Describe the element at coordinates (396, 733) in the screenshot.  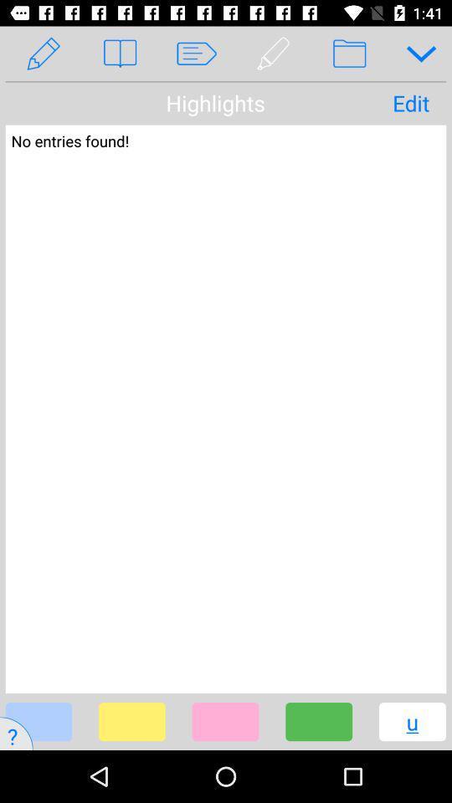
I see `underline icon which is at bottom of the page` at that location.